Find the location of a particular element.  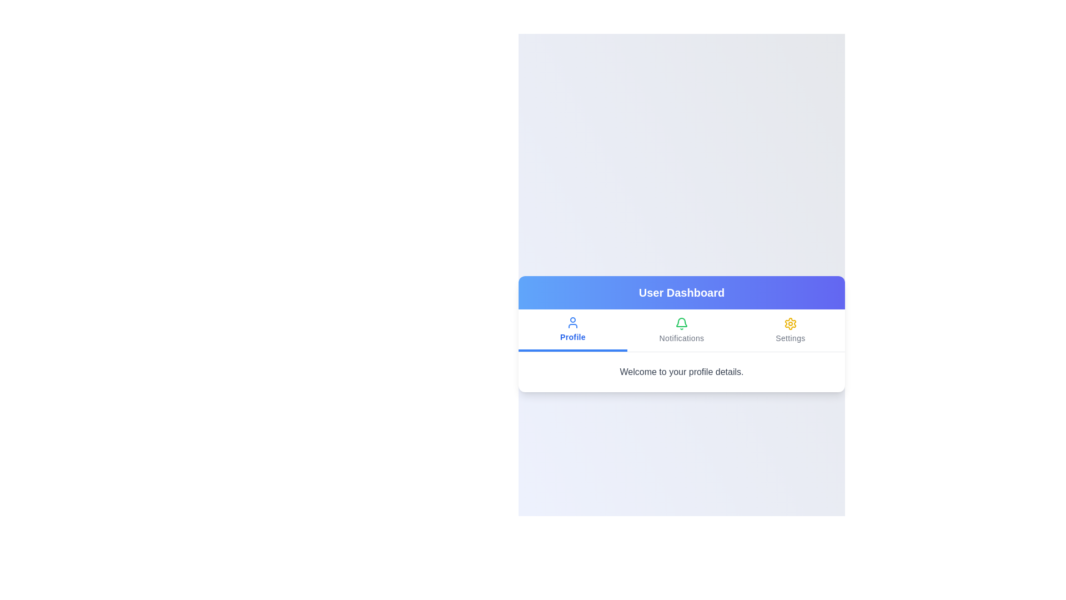

the Settings tab is located at coordinates (790, 329).